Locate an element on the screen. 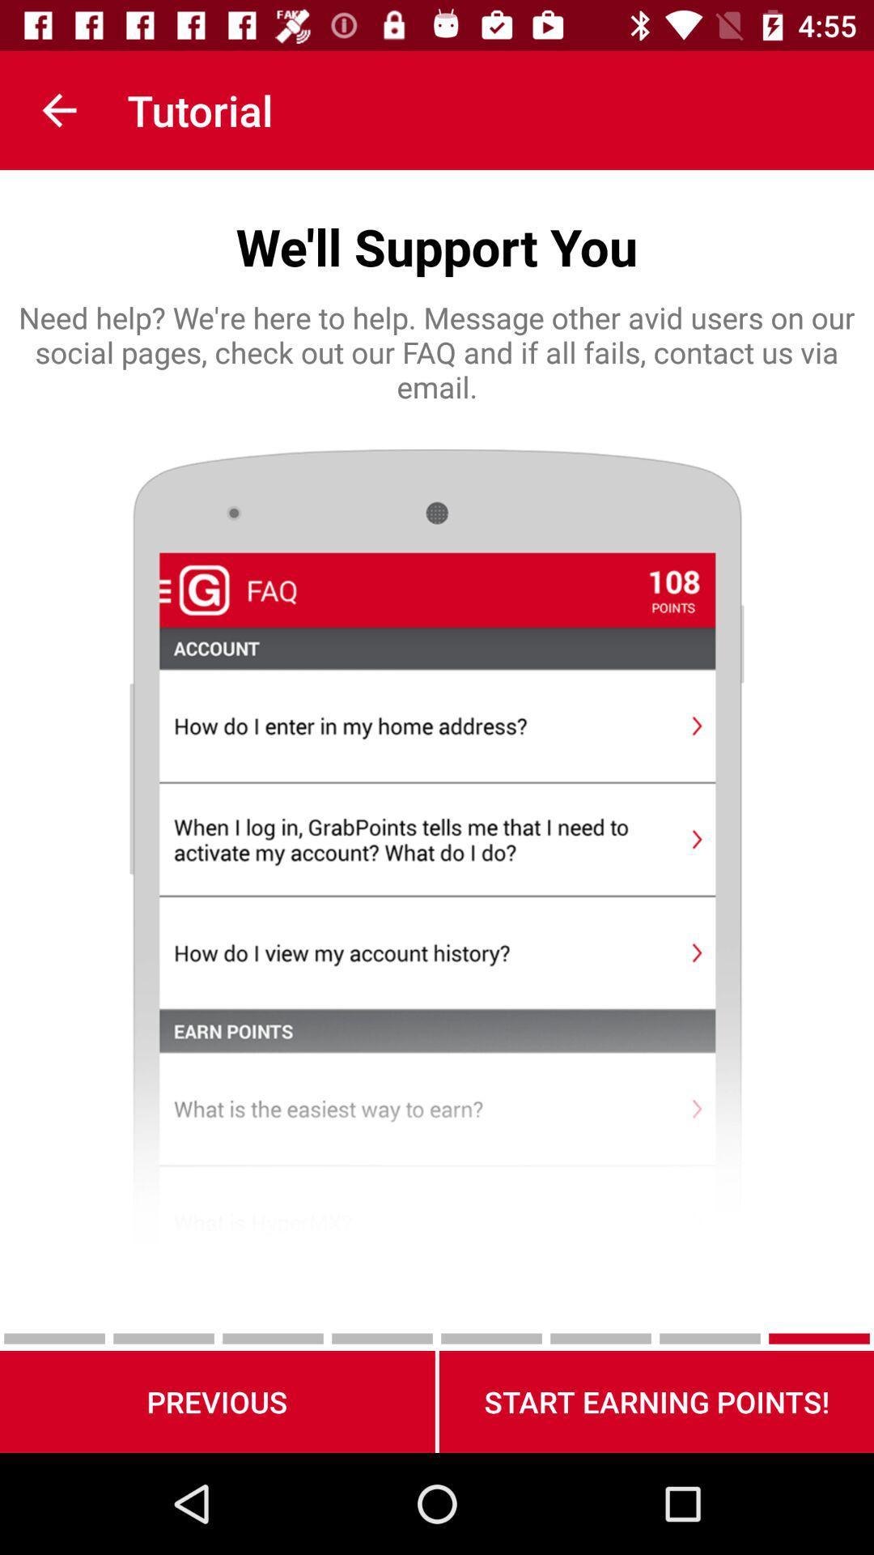 The height and width of the screenshot is (1555, 874). start earning points! icon is located at coordinates (656, 1401).